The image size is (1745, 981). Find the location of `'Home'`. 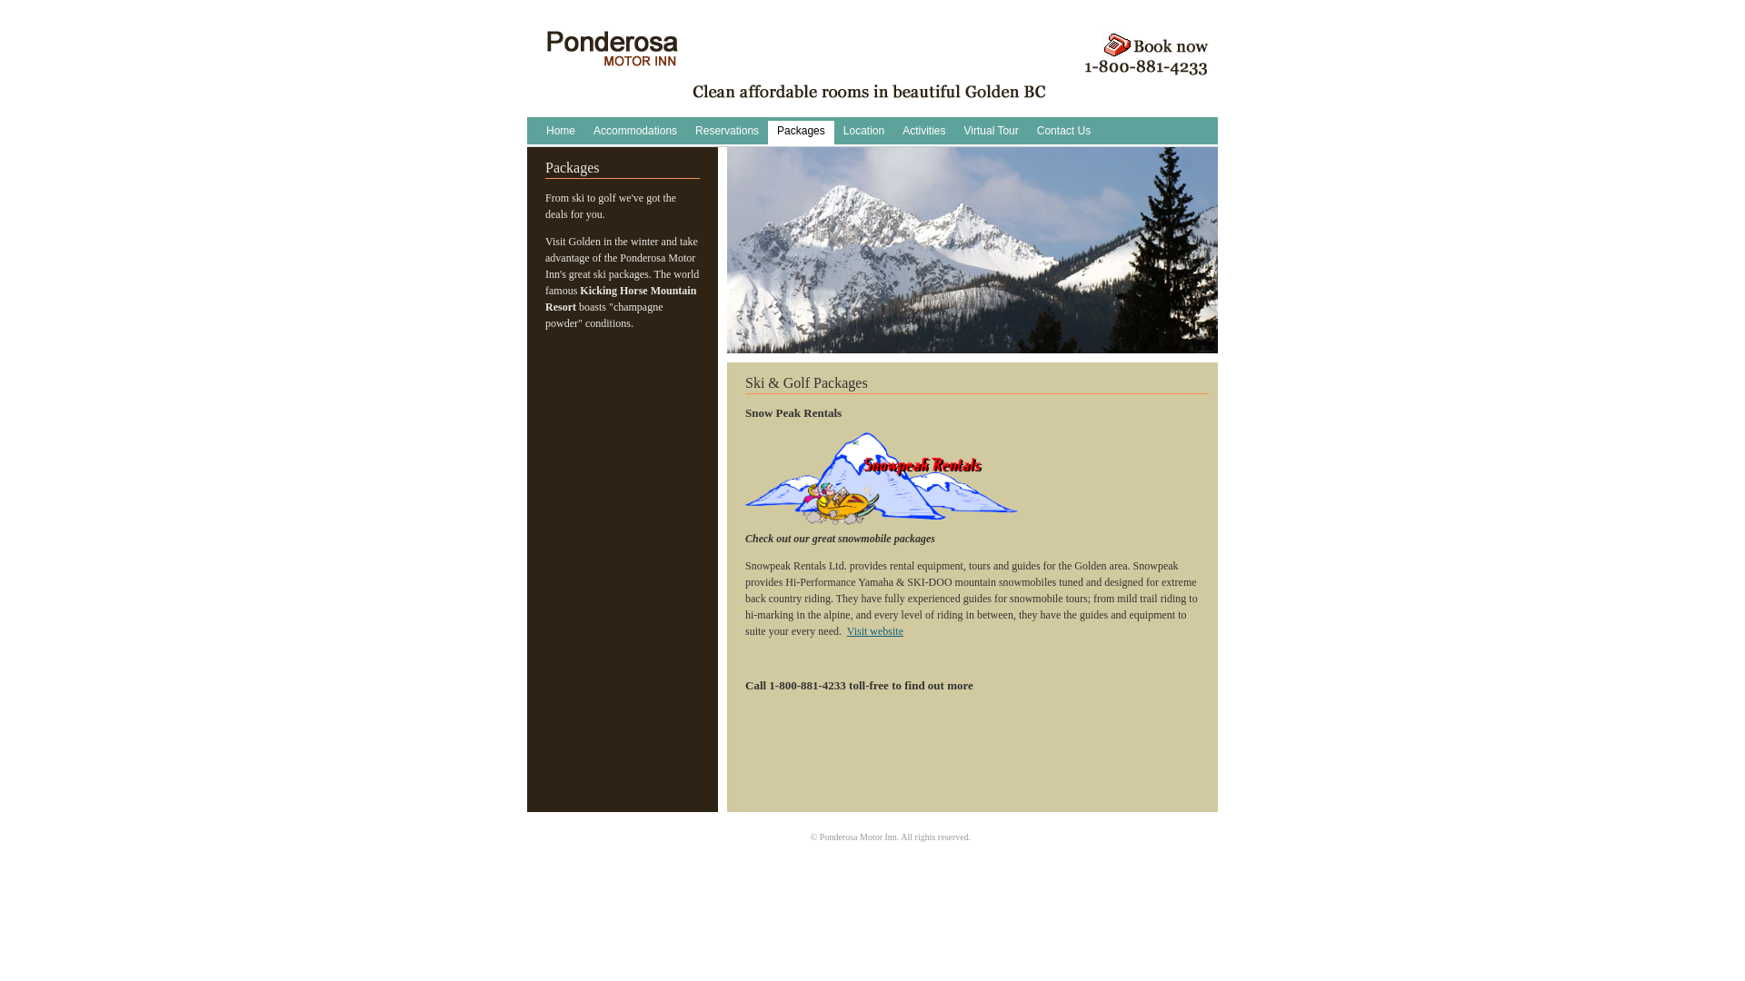

'Home' is located at coordinates (560, 132).